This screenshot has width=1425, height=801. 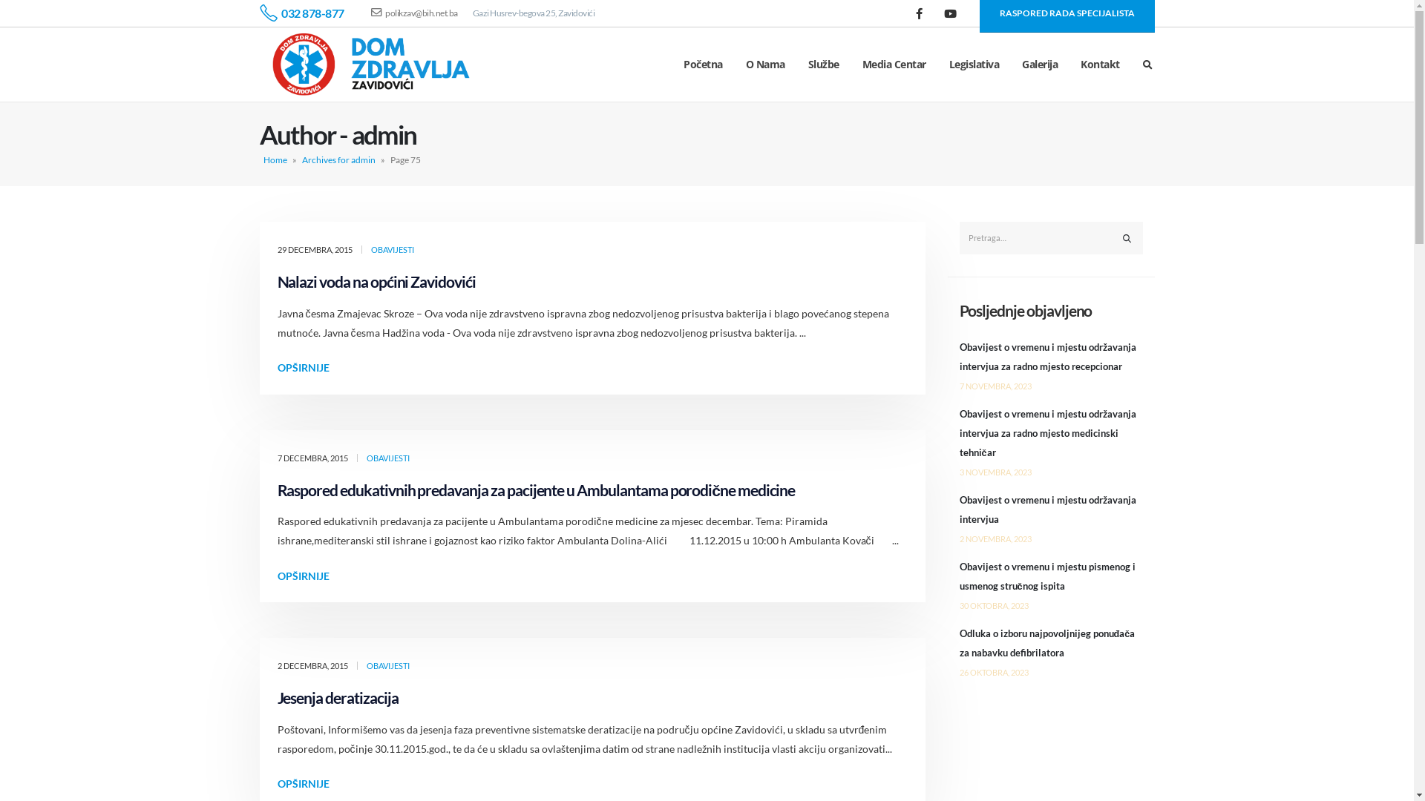 I want to click on 'O Nama', so click(x=765, y=64).